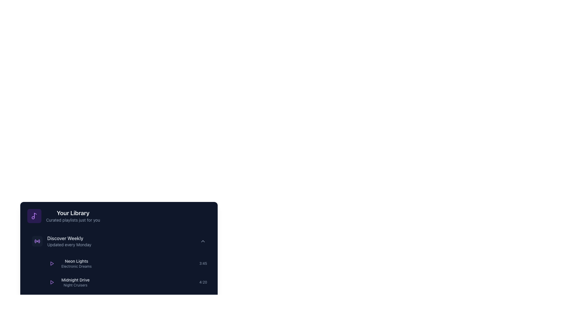  I want to click on the SVG icon shaped as an inverted chevron, which is located in the 'Discover Weekly' section, adjacent to the text describing 'Discover Weekly' and its update details, so click(203, 241).